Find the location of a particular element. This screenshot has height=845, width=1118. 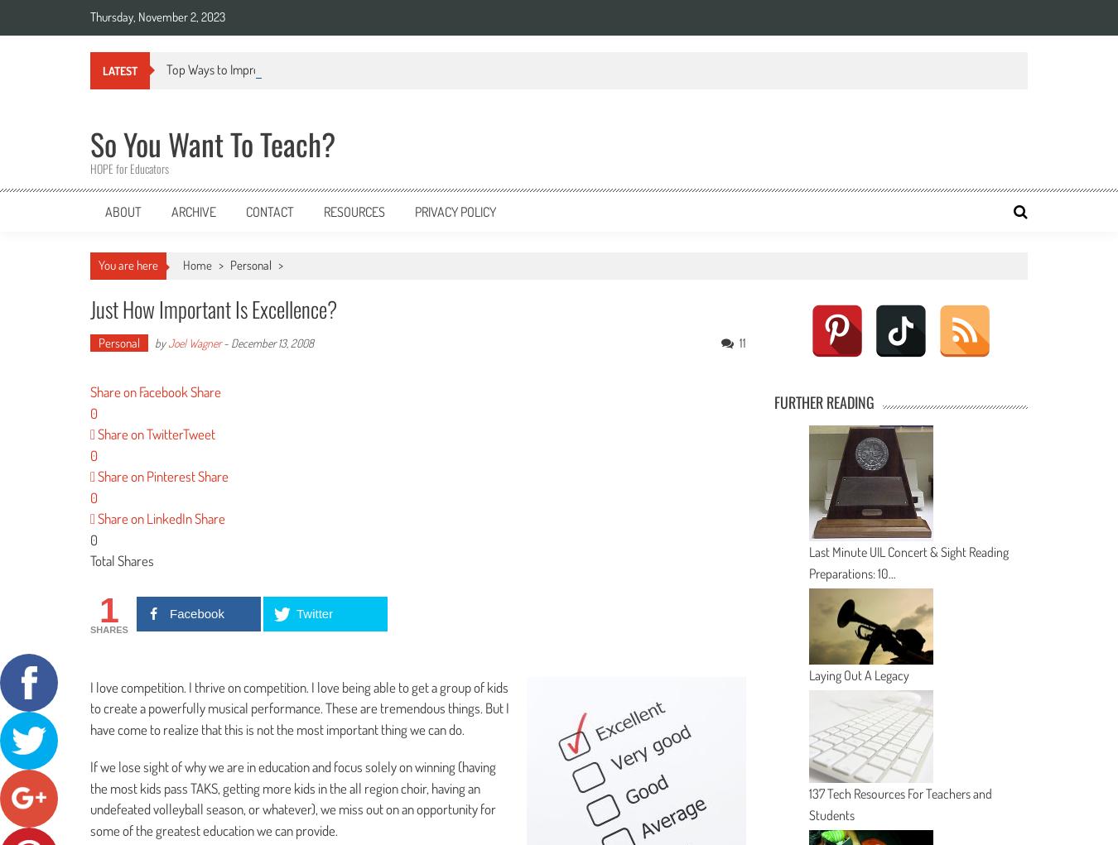

'Latest' is located at coordinates (119, 69).